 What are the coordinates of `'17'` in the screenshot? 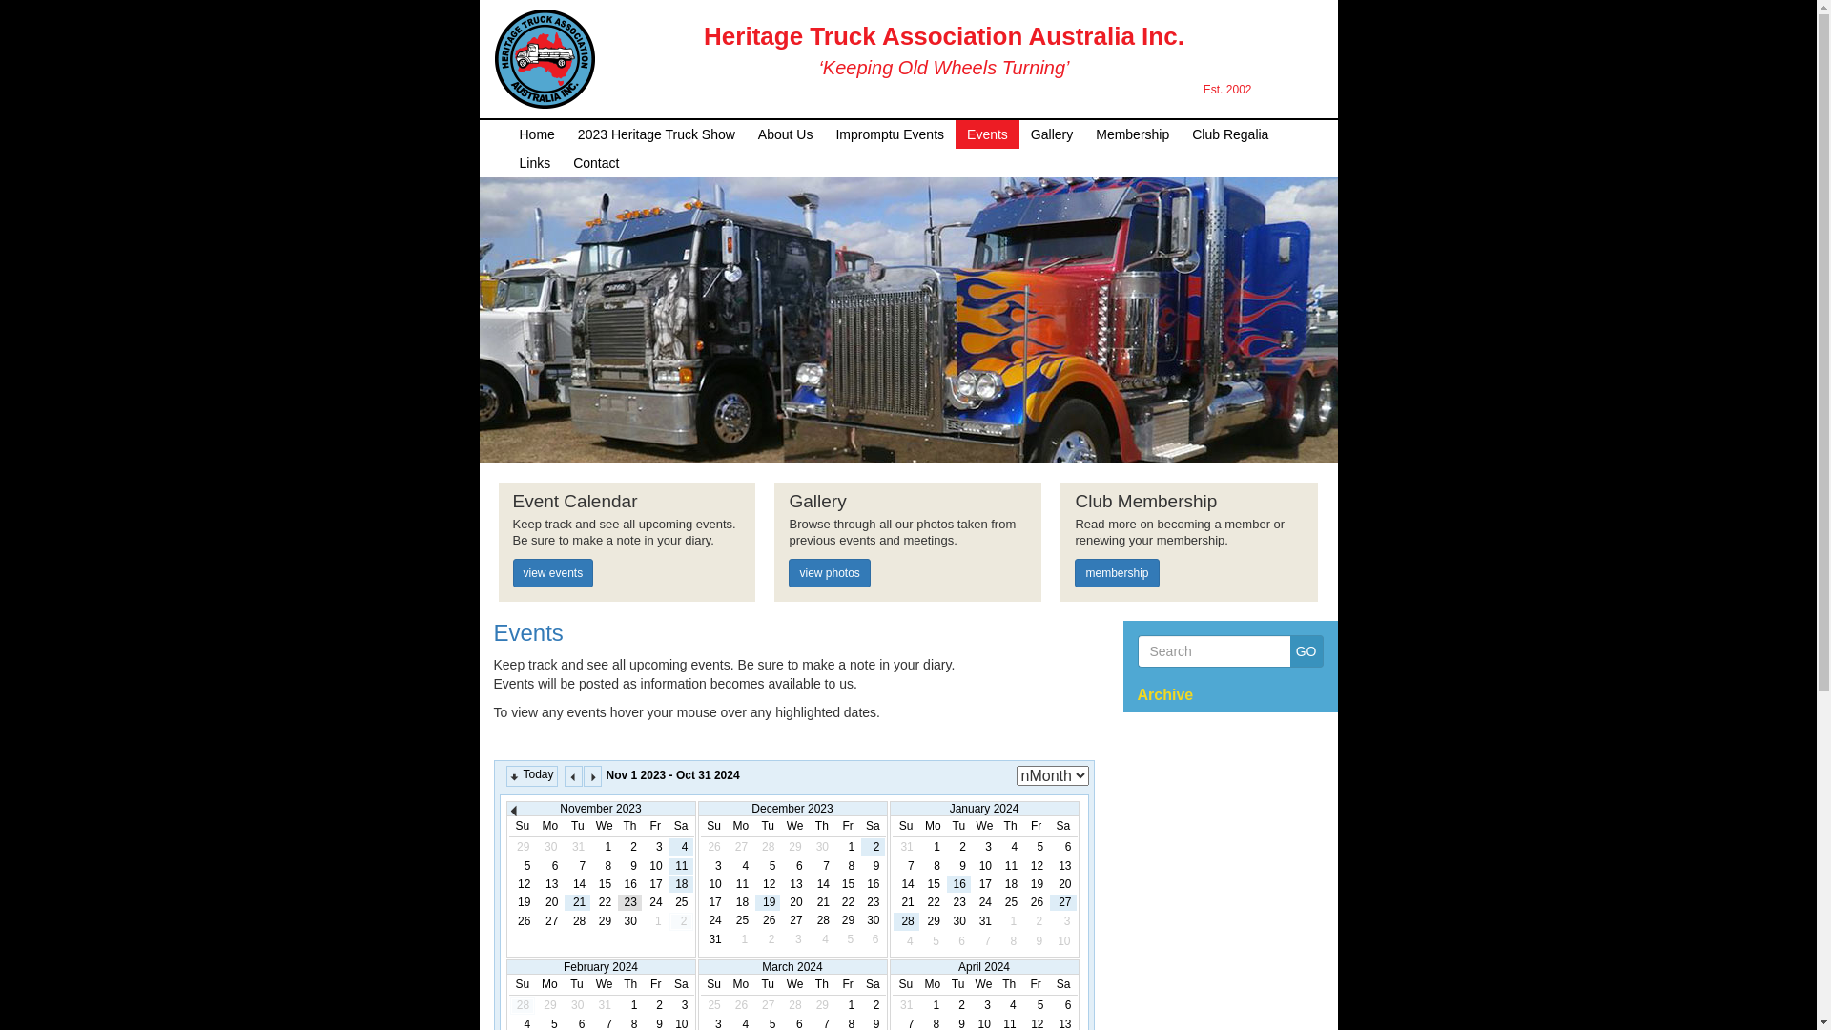 It's located at (655, 884).